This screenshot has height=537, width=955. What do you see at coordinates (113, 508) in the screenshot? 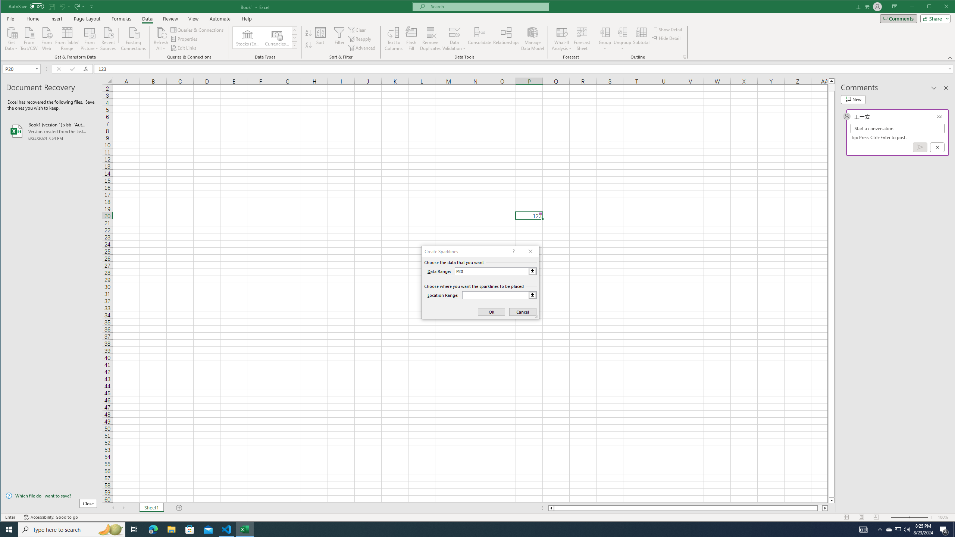
I see `'Scroll Left'` at bounding box center [113, 508].